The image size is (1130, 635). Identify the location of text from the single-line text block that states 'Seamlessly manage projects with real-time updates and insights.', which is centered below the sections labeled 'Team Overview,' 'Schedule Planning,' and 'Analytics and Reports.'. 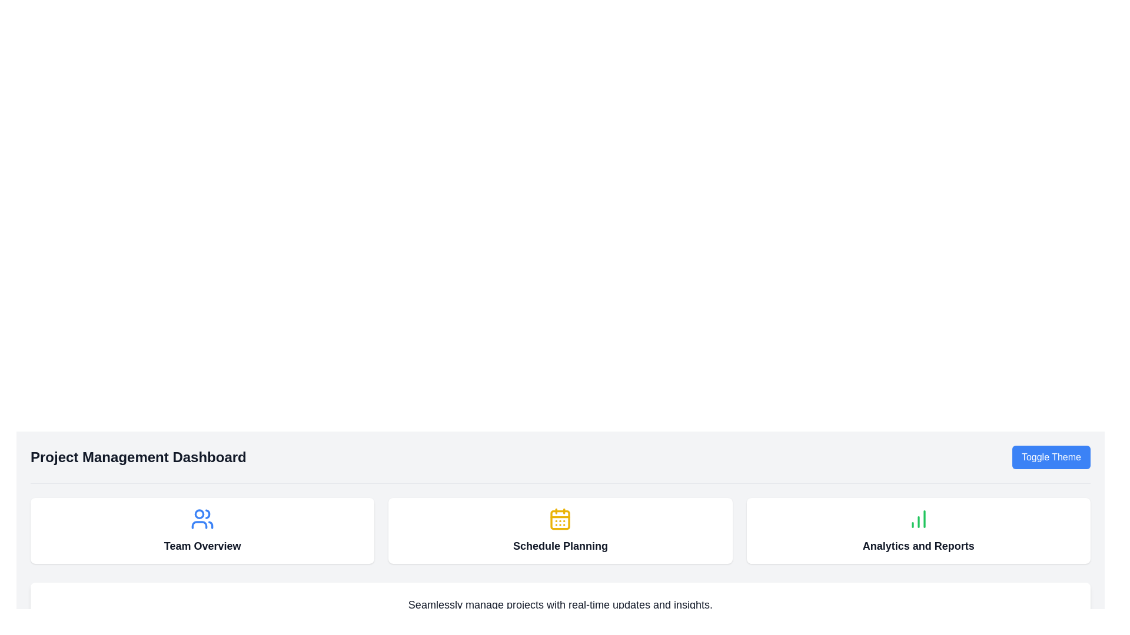
(560, 605).